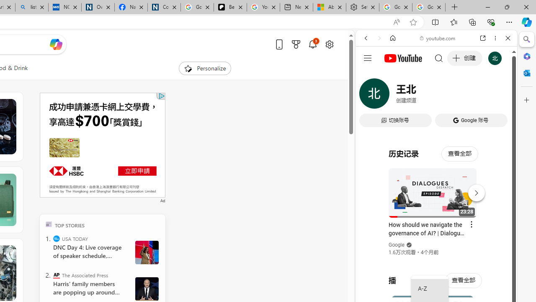  I want to click on 'Google', so click(396, 245).